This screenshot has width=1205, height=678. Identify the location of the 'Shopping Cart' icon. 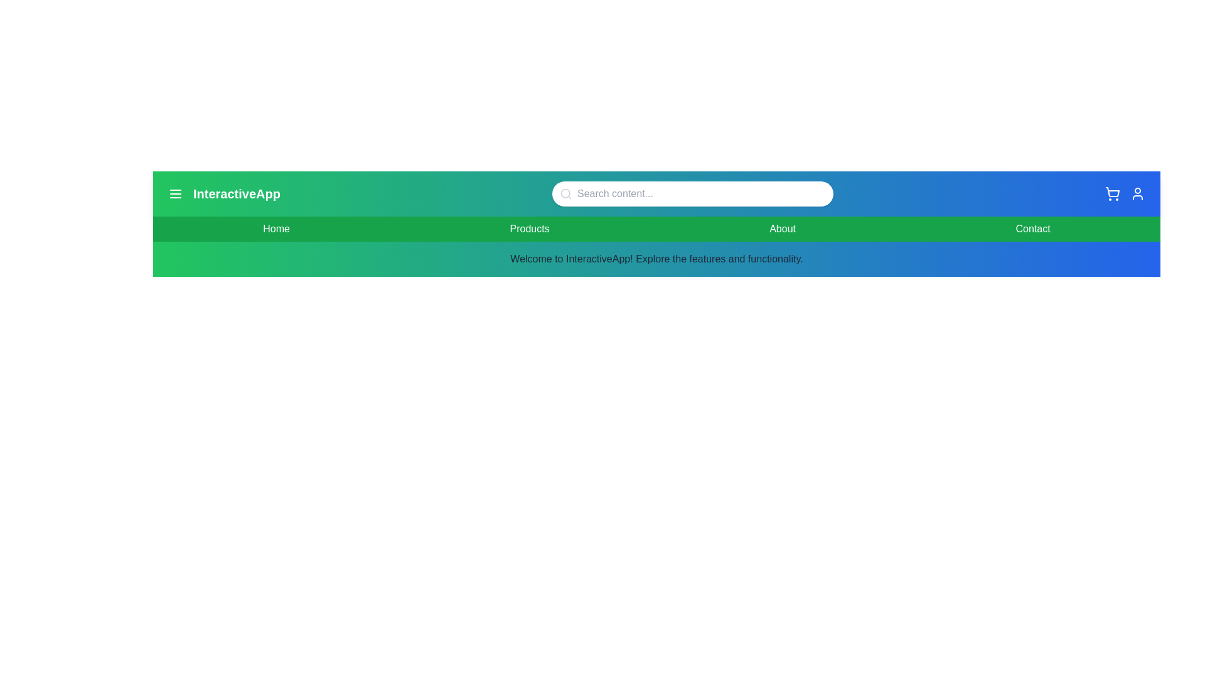
(1112, 193).